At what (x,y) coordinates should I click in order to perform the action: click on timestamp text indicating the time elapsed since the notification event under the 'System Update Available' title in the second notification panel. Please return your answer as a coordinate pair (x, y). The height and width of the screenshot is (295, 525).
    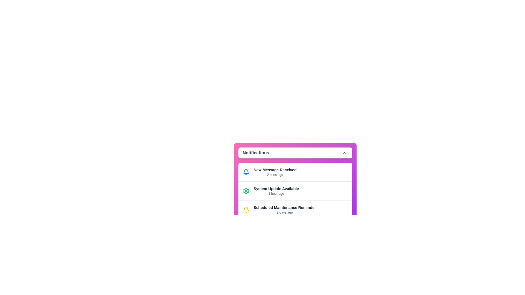
    Looking at the image, I should click on (276, 193).